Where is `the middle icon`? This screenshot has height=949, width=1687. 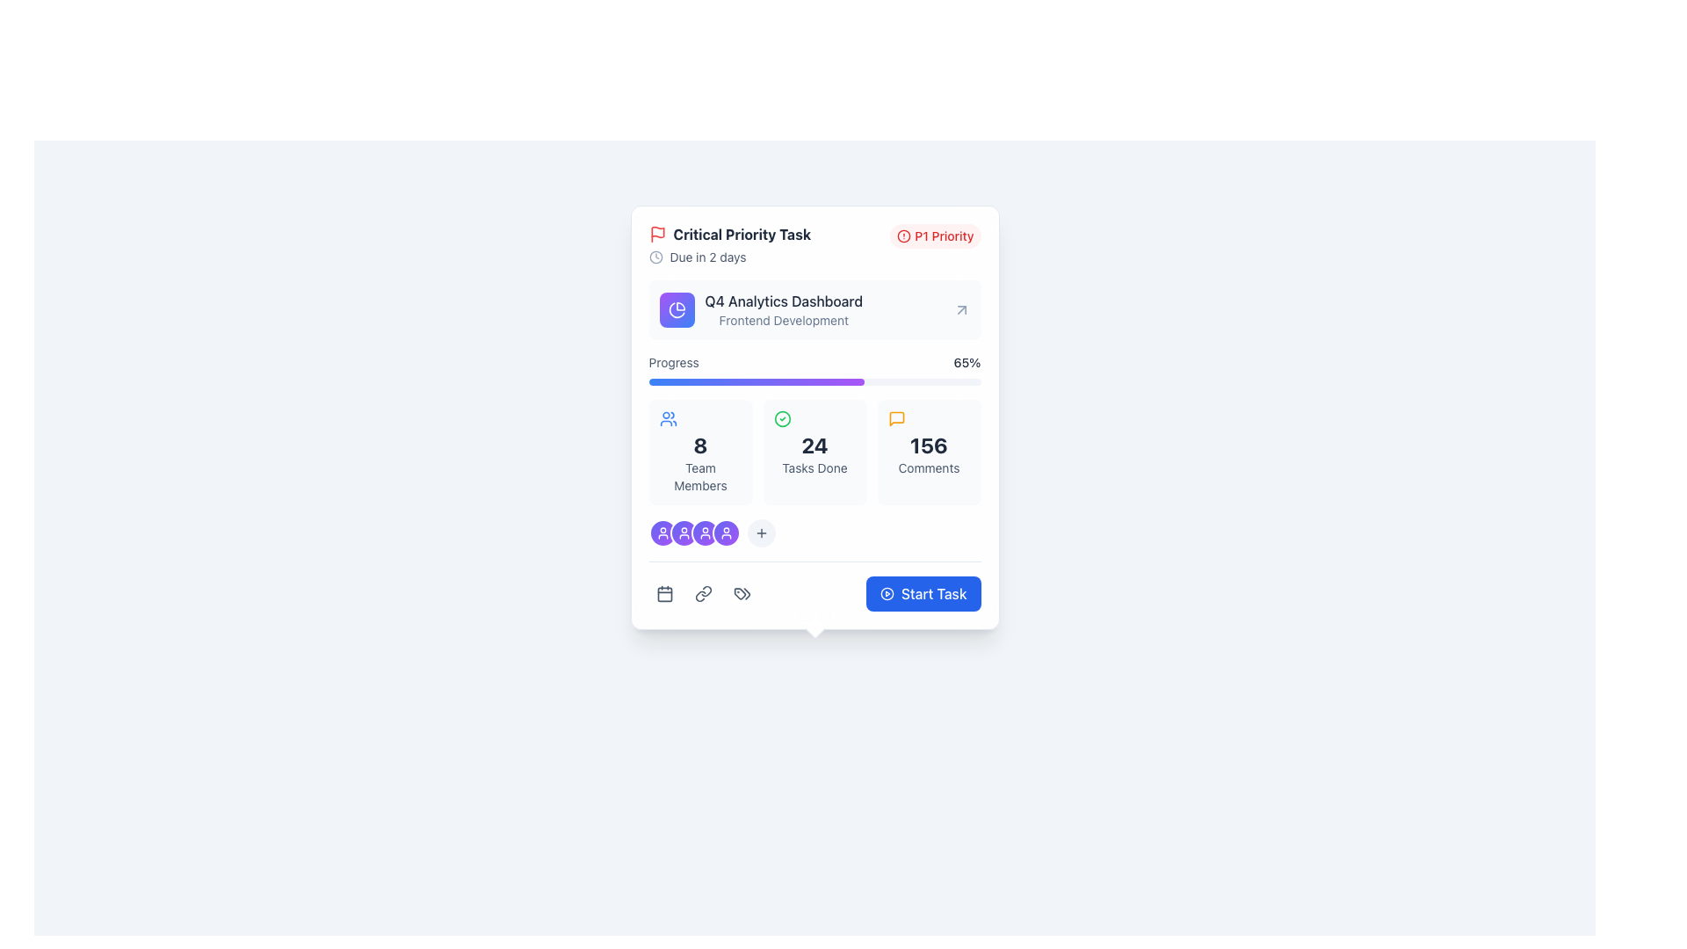 the middle icon is located at coordinates (703, 593).